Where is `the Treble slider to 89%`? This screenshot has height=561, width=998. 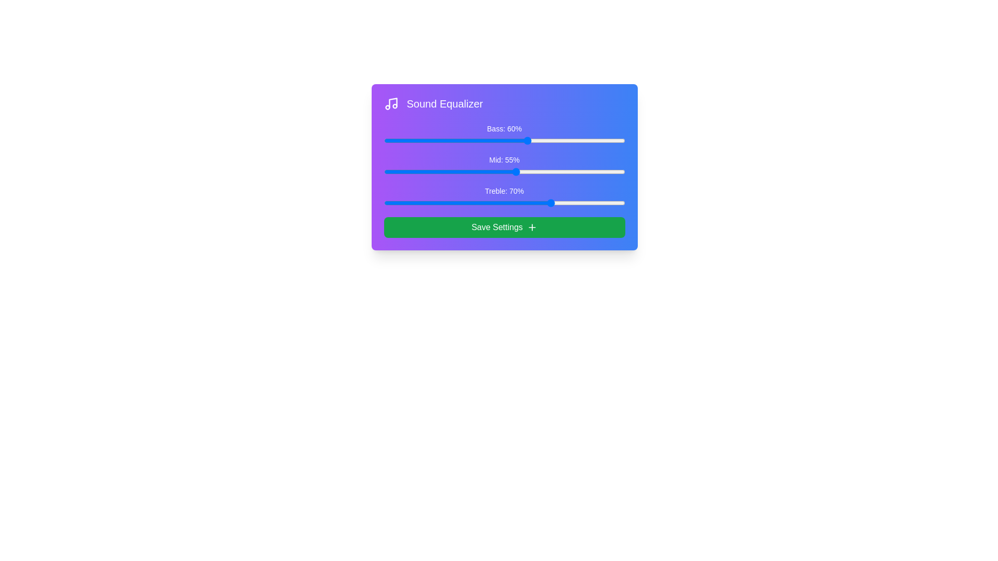 the Treble slider to 89% is located at coordinates (598, 203).